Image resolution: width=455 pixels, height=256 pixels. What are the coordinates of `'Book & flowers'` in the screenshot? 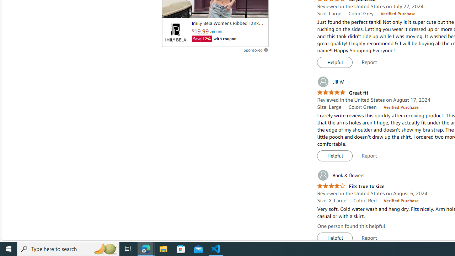 It's located at (340, 175).